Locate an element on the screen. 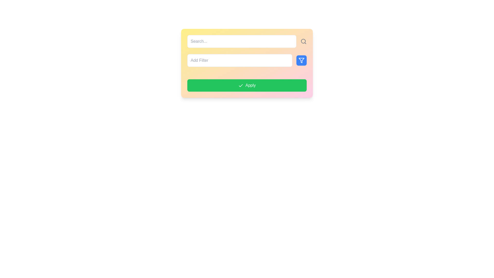 This screenshot has height=278, width=494. the search icon, which is a circular magnifying glass shape located to the right of the search input box with placeholder 'Search...' is located at coordinates (304, 41).